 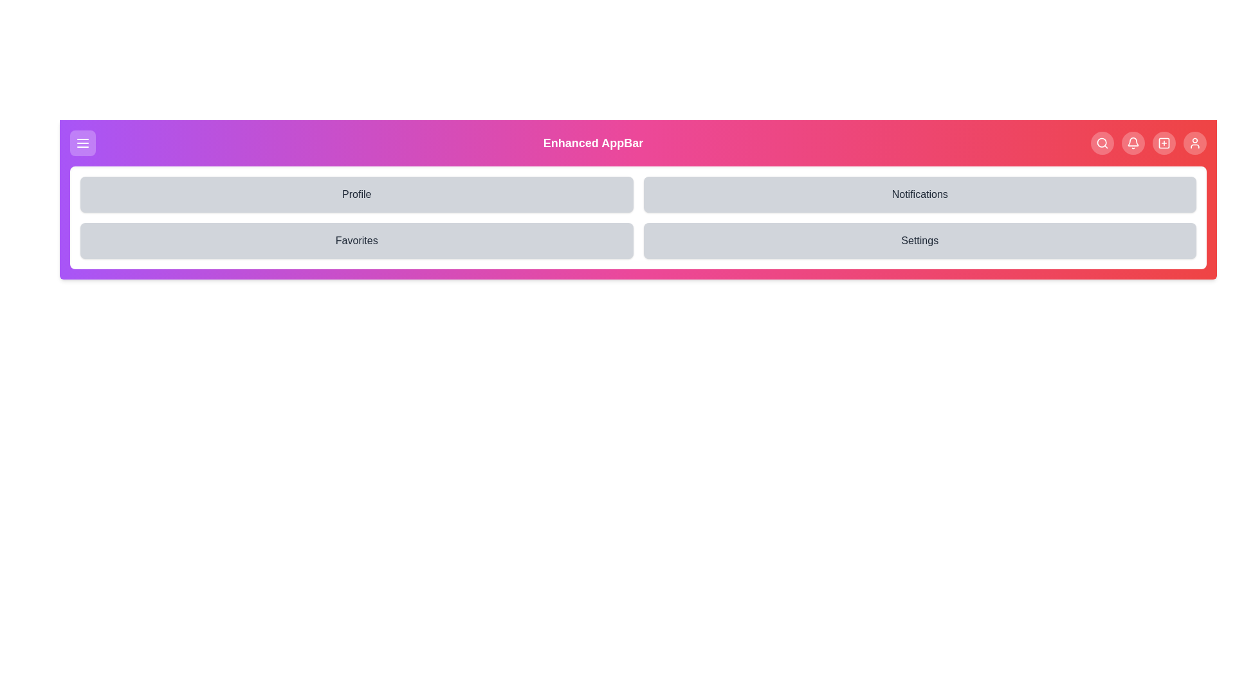 I want to click on the Notifications navigation button, so click(x=1133, y=143).